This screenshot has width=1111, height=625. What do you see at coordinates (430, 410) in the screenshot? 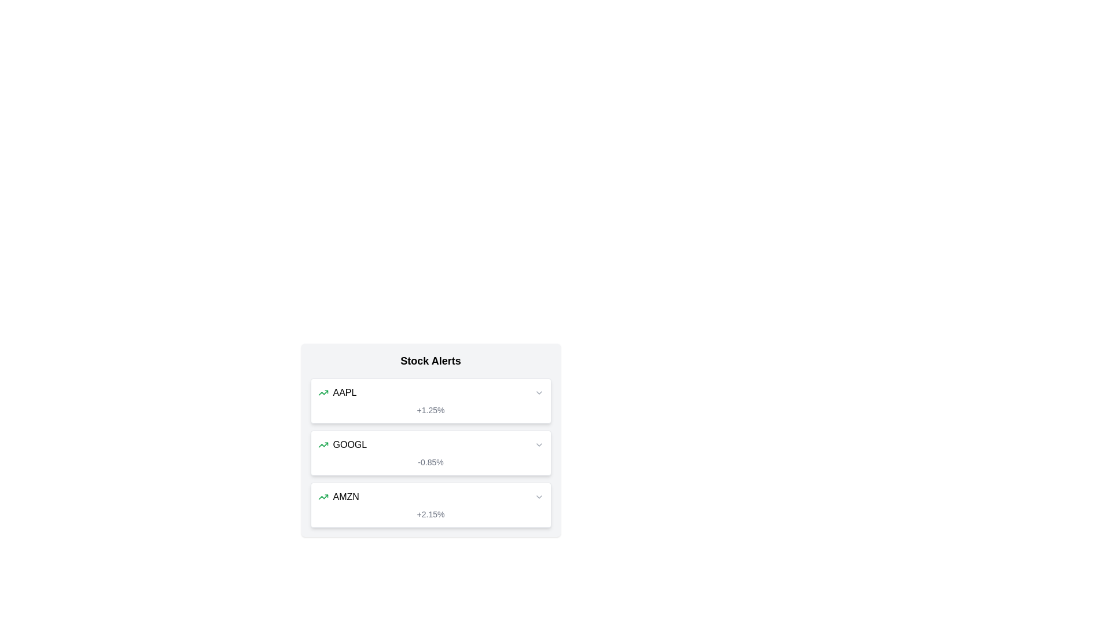
I see `the Text Display element that shows the percentage change for 'AAPL', located below the title and next to the trending icon` at bounding box center [430, 410].